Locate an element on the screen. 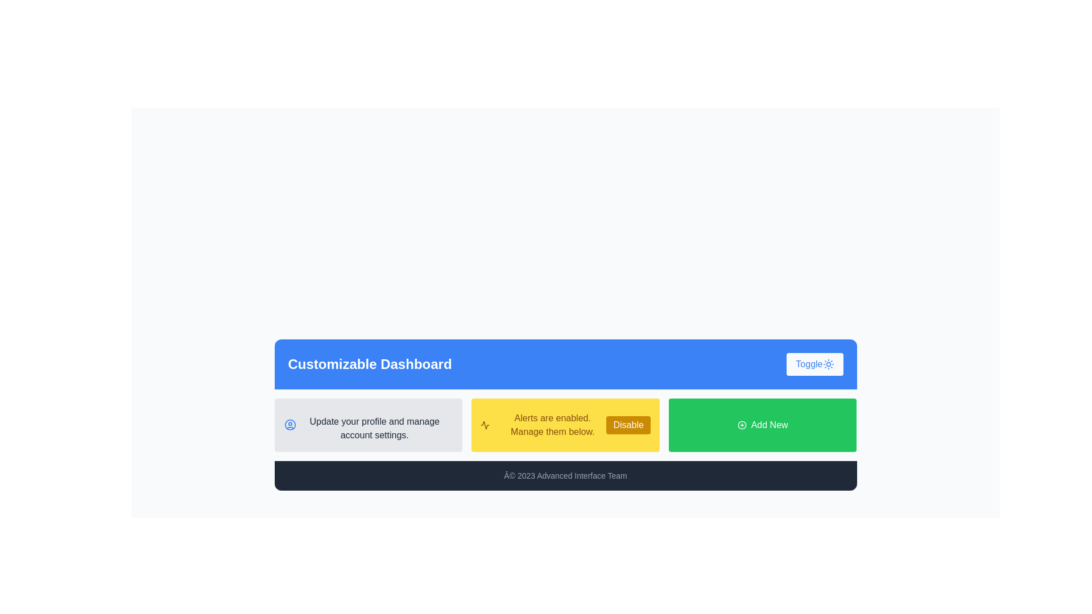 The width and height of the screenshot is (1092, 614). the informational card that guides users to update their profile or manage account settings, located in the first column of a three-column layout is located at coordinates (368, 425).